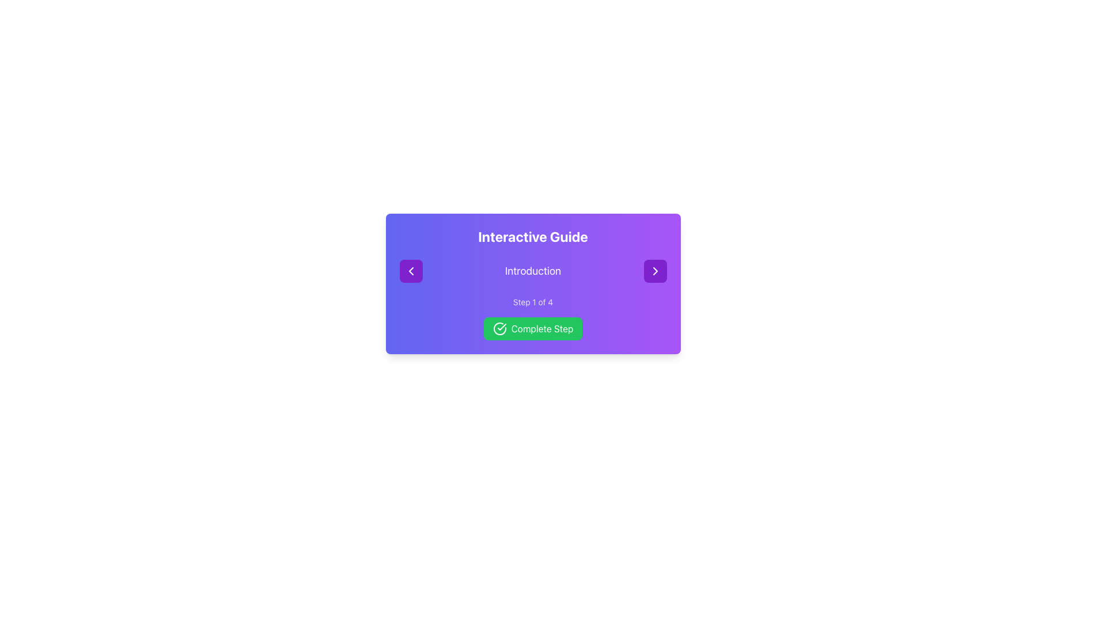 Image resolution: width=1106 pixels, height=622 pixels. Describe the element at coordinates (655, 271) in the screenshot. I see `the right-facing chevron icon within the purple rounded rectangular button that is part of the navigation system for the interactive guide` at that location.